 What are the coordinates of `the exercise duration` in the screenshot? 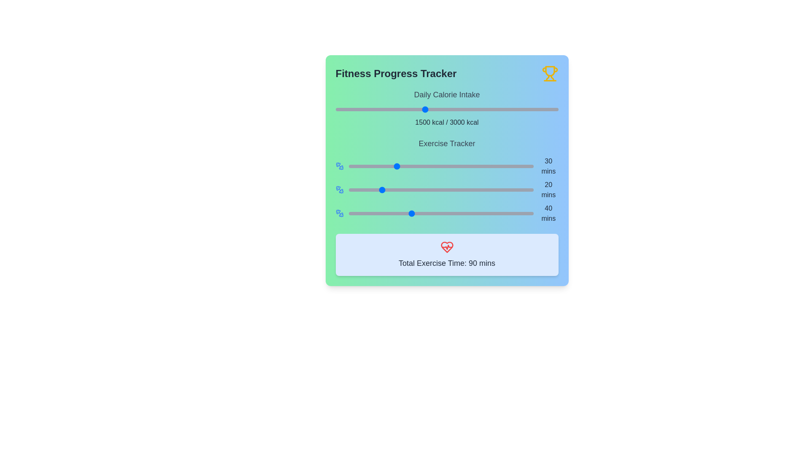 It's located at (483, 213).